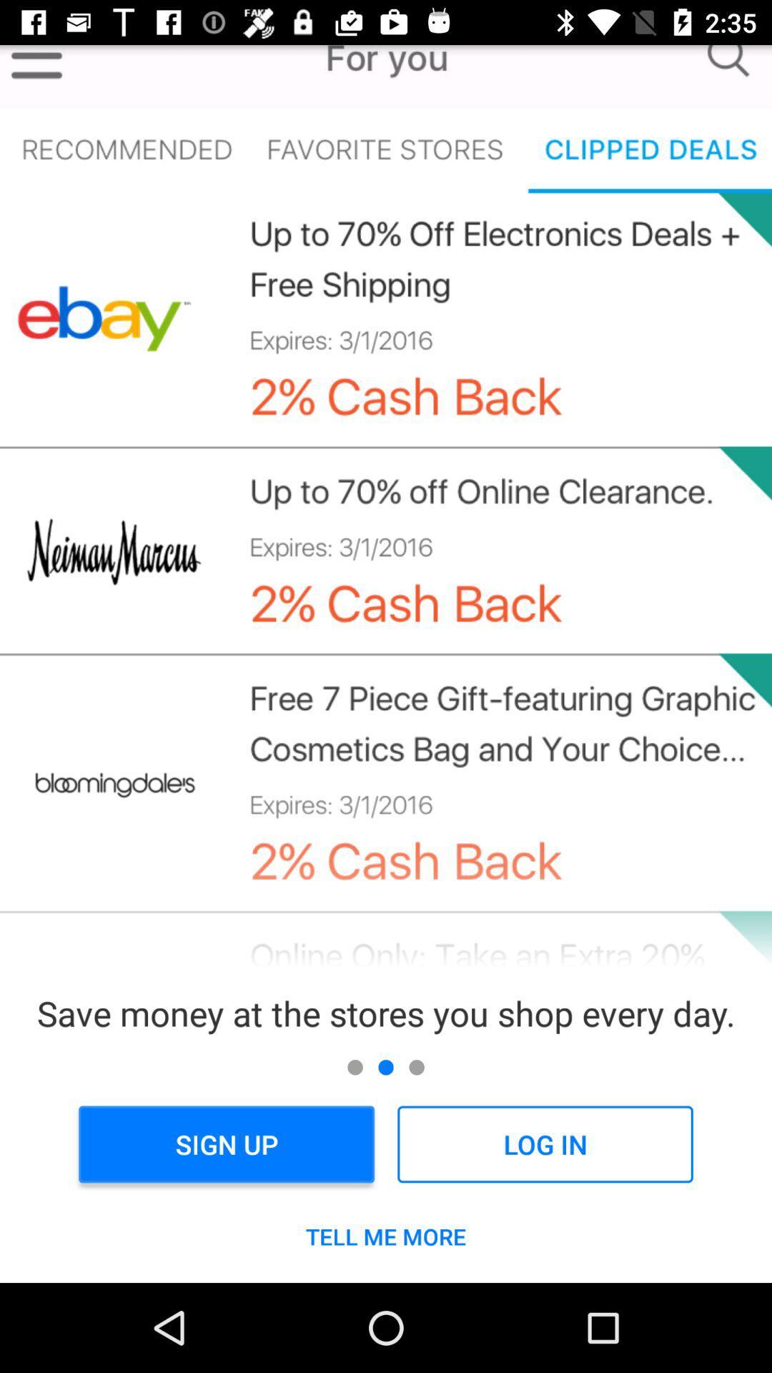  What do you see at coordinates (545, 1144) in the screenshot?
I see `icon next to sign up item` at bounding box center [545, 1144].